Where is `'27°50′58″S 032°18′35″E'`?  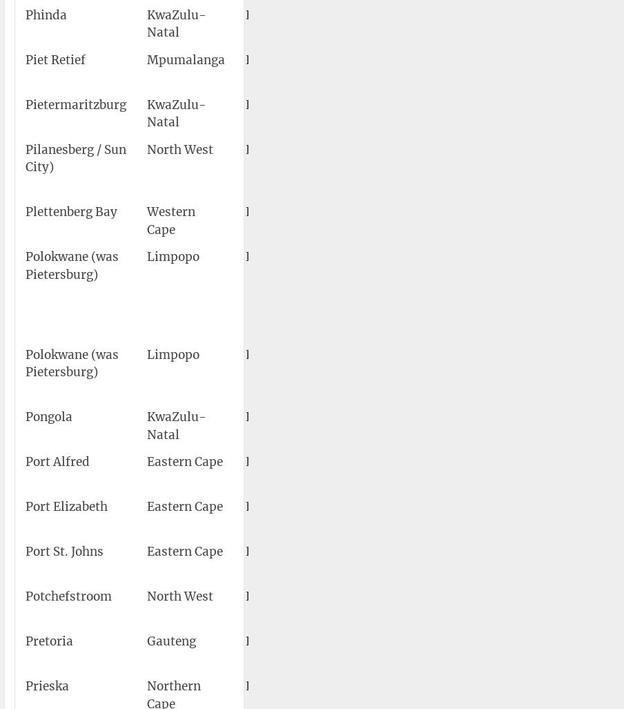
'27°50′58″S 032°18′35″E' is located at coordinates (516, 23).